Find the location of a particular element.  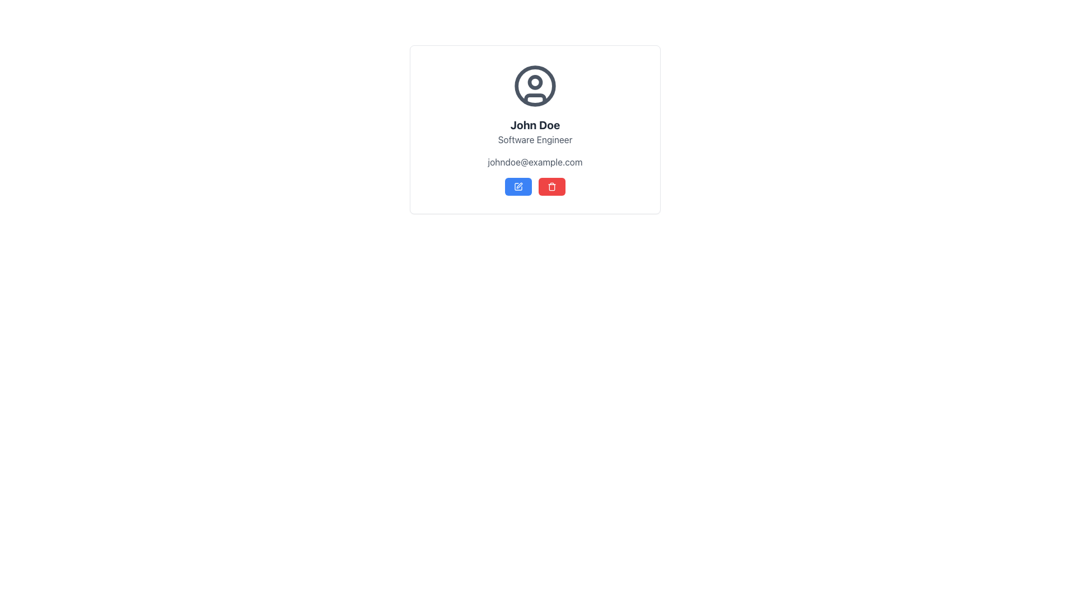

the Text block displaying 'John Doe' and 'Software Engineer' which is located in the middle of the page, below the user icon is located at coordinates (534, 131).